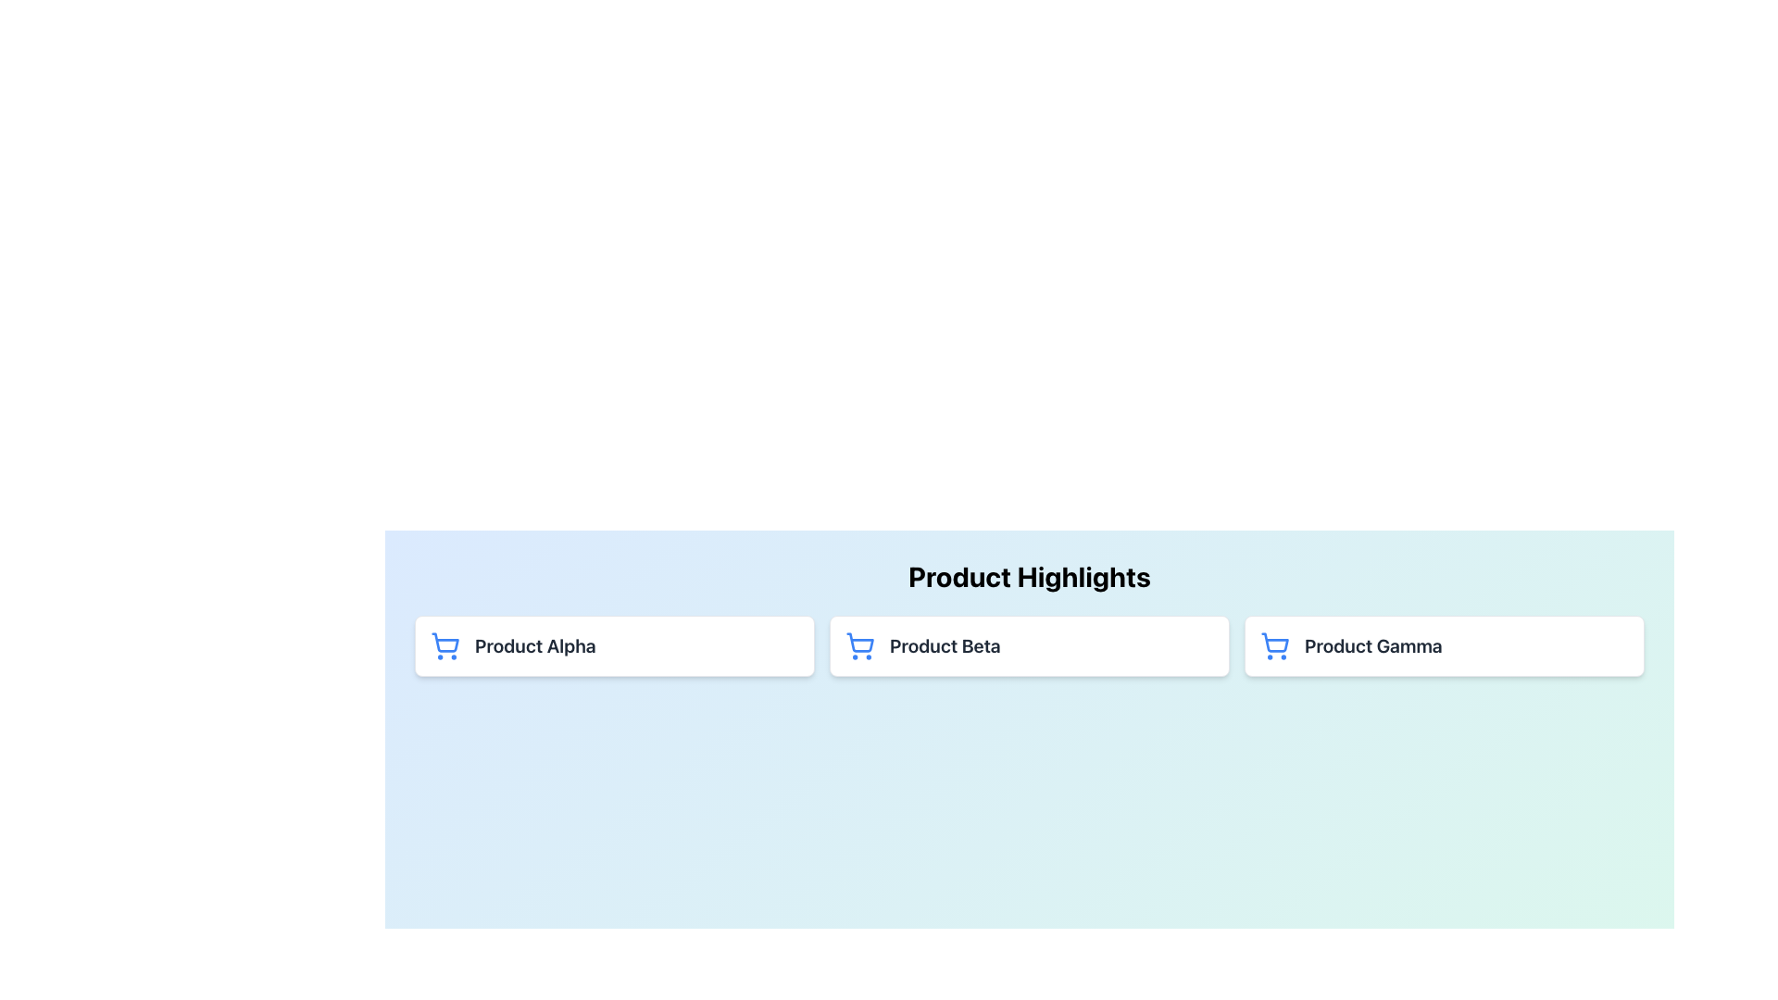 The width and height of the screenshot is (1778, 1000). Describe the element at coordinates (859, 645) in the screenshot. I see `the shopping icon located on the left side of the 'Product Beta' card in the 'Product Highlights' section` at that location.